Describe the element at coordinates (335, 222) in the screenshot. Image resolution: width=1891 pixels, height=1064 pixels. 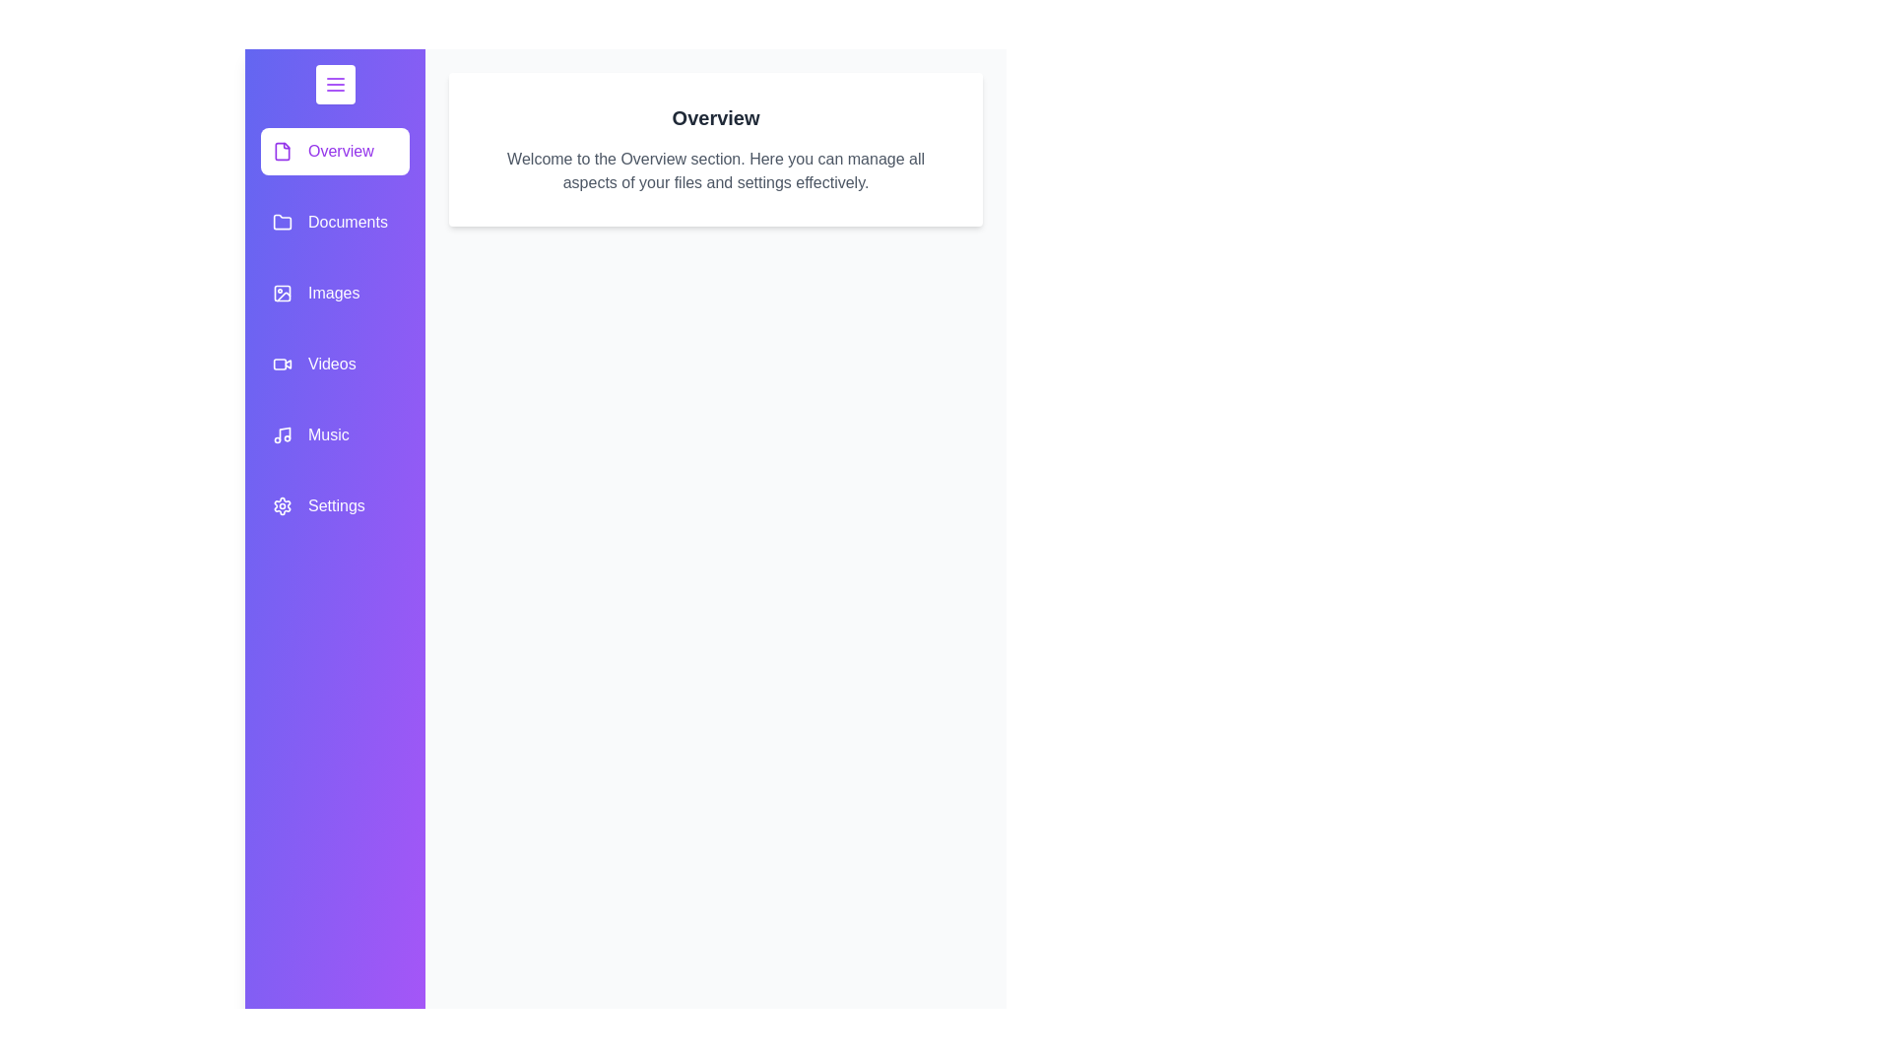
I see `the category item labeled Documents in the drawer` at that location.